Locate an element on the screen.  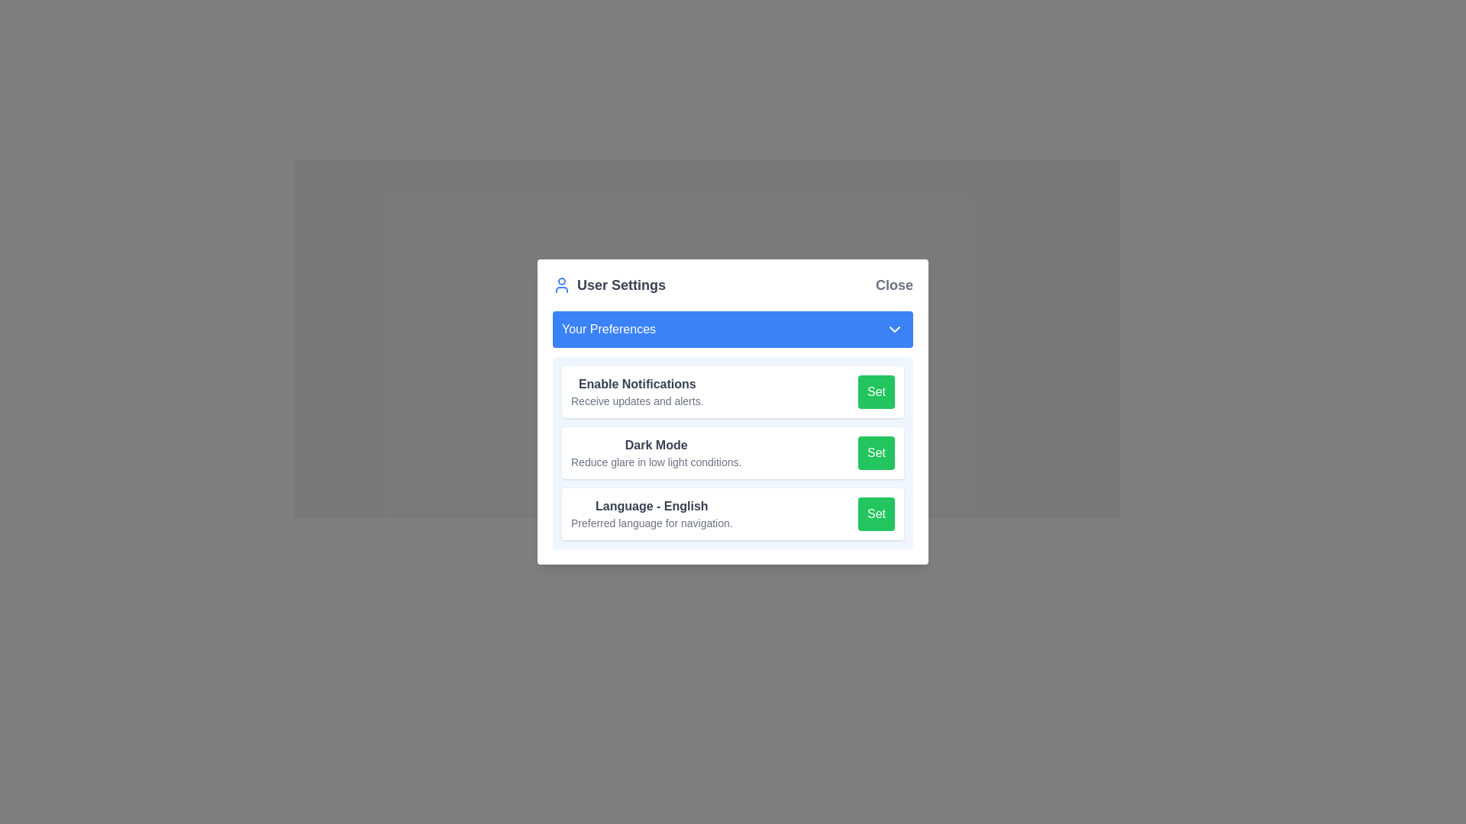
the text label displaying 'Language - English', which is styled in bold gray font and positioned above the descriptive text in the User Settings interface is located at coordinates (651, 506).